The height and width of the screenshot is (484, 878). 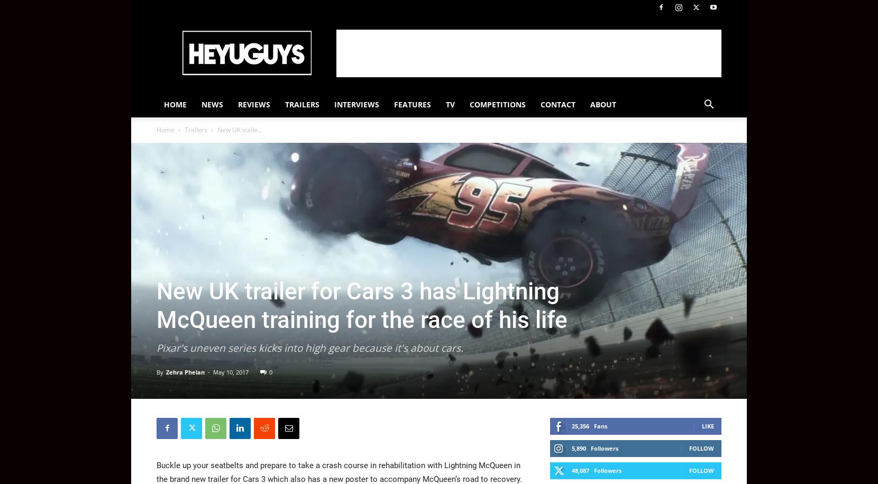 What do you see at coordinates (361, 304) in the screenshot?
I see `'New UK trailer for Cars 3 has Lightning McQueen training for the race of his life'` at bounding box center [361, 304].